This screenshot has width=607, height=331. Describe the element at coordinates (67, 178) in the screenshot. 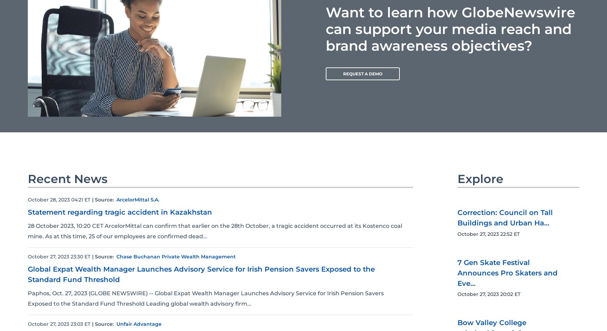

I see `'Recent News'` at that location.